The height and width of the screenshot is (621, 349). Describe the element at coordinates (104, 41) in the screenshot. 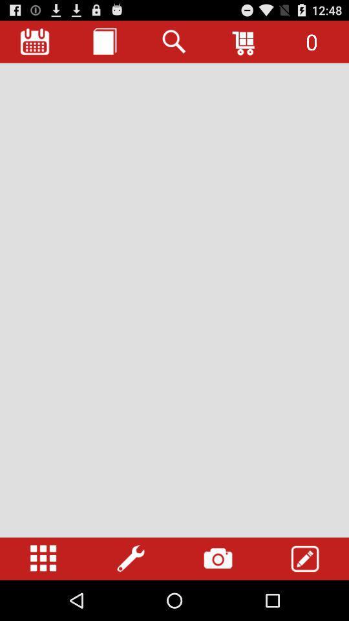

I see `new note` at that location.